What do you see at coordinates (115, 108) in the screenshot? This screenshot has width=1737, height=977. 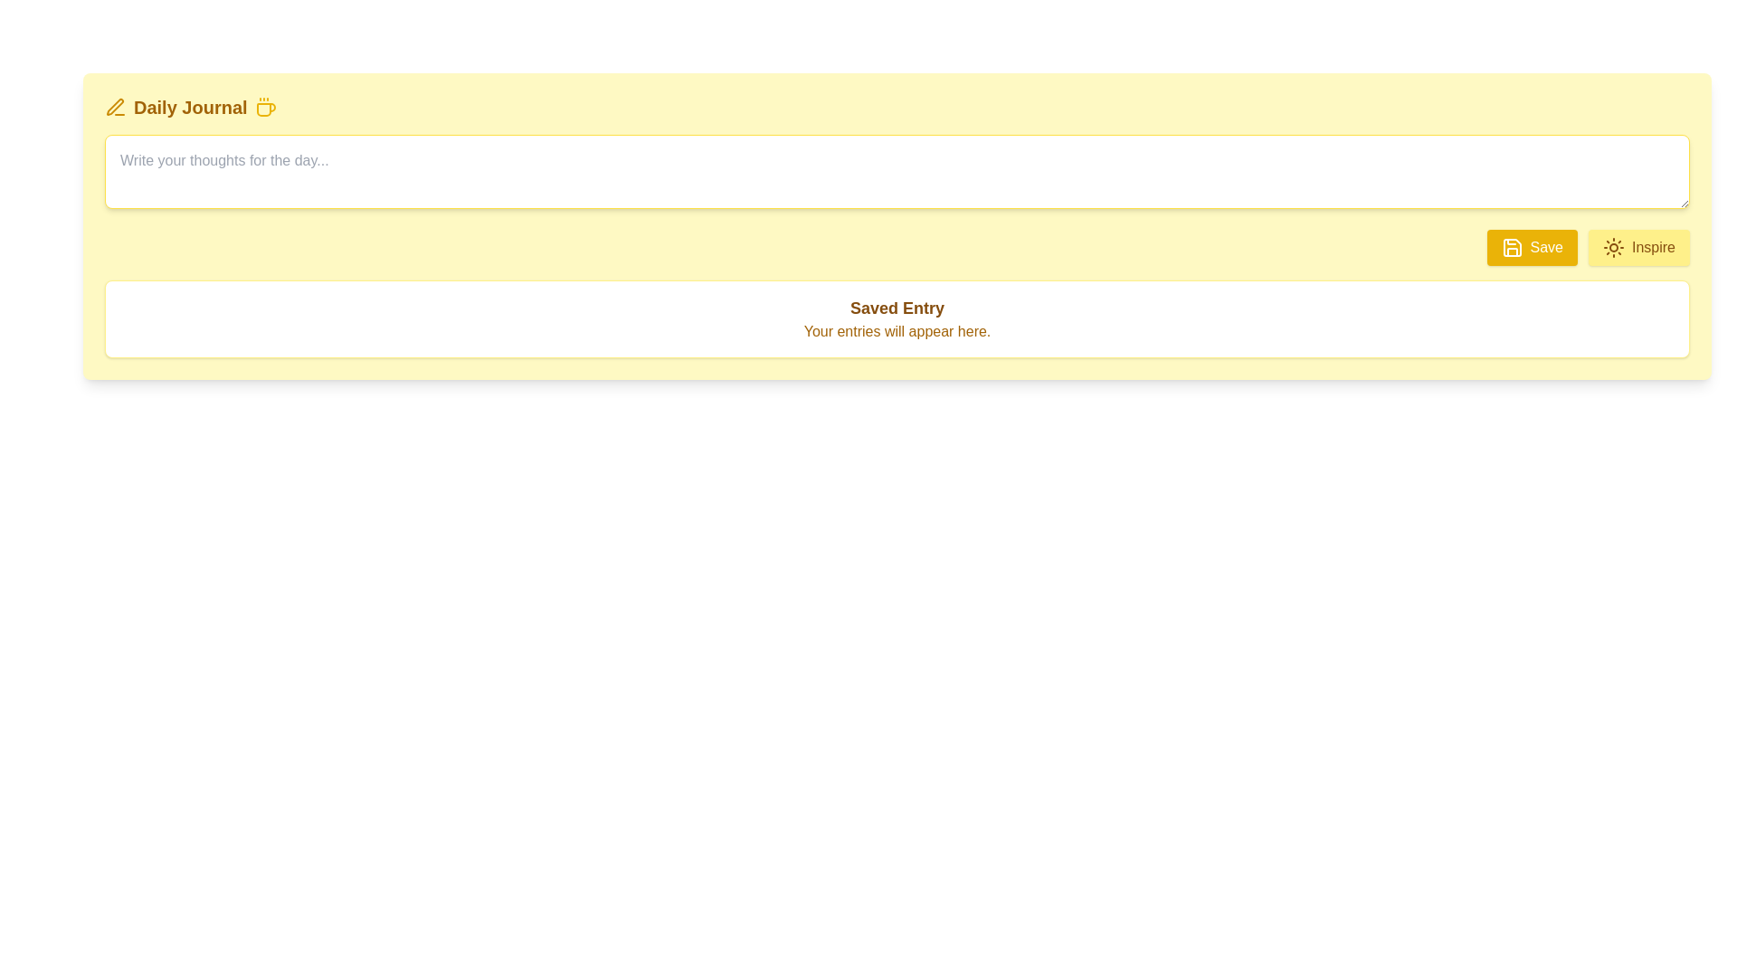 I see `the decorative icon representing the 'Daily Journal' section, located to the left of the text 'Daily Journal'` at bounding box center [115, 108].